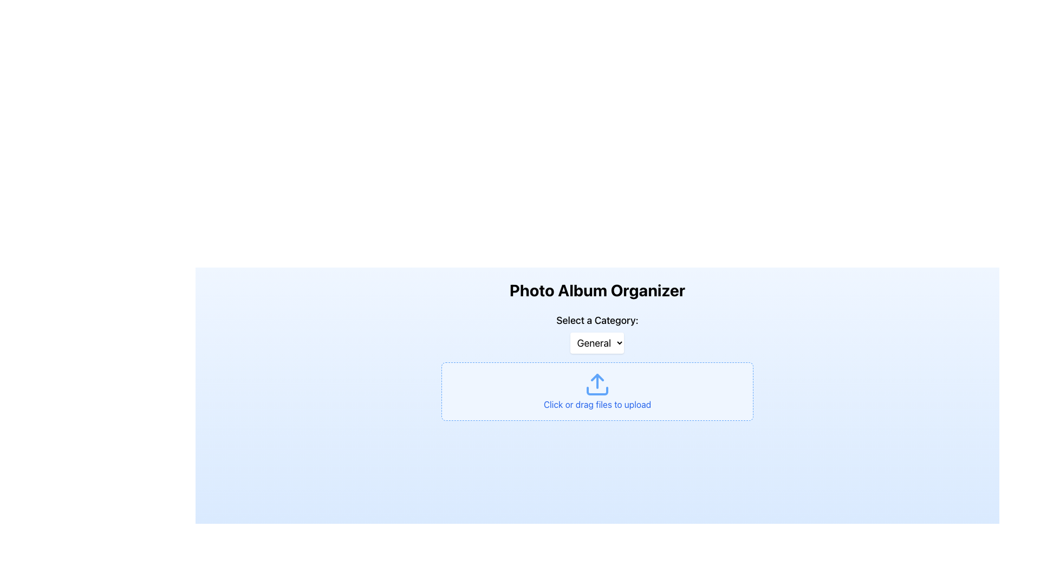  Describe the element at coordinates (597, 343) in the screenshot. I see `the 'General' dropdown menu button located directly below the 'Select a Category:' label` at that location.